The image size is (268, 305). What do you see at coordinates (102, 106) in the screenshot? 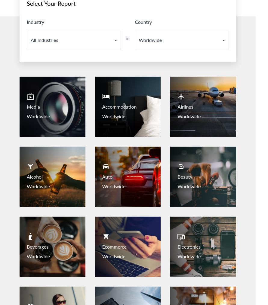
I see `'Accommodation'` at bounding box center [102, 106].